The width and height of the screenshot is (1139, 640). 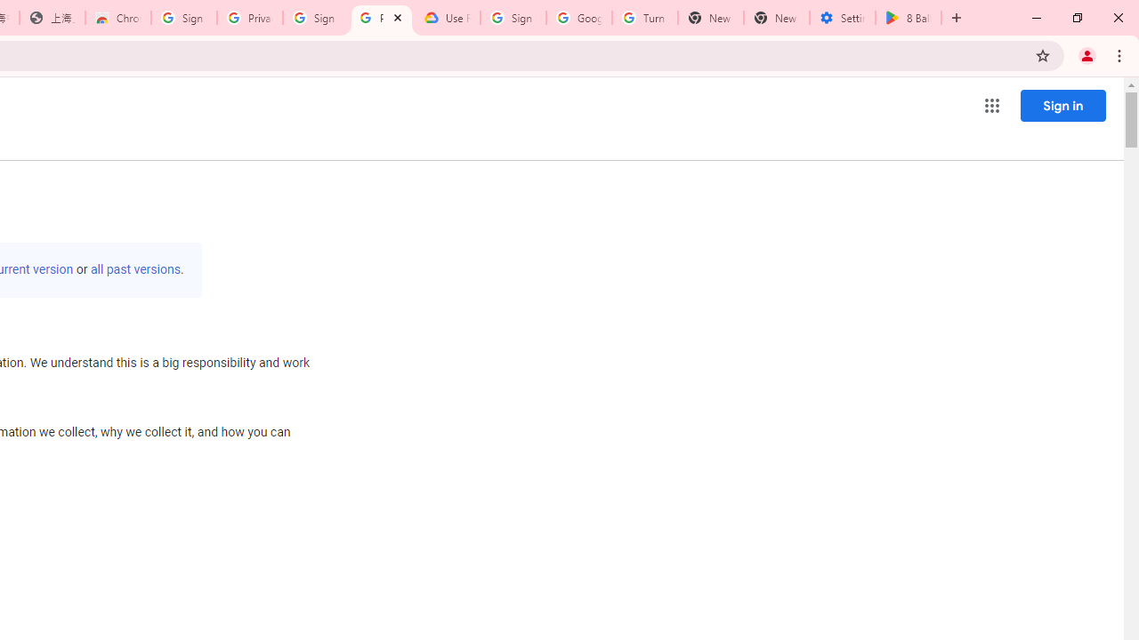 I want to click on 'Settings - System', so click(x=842, y=18).